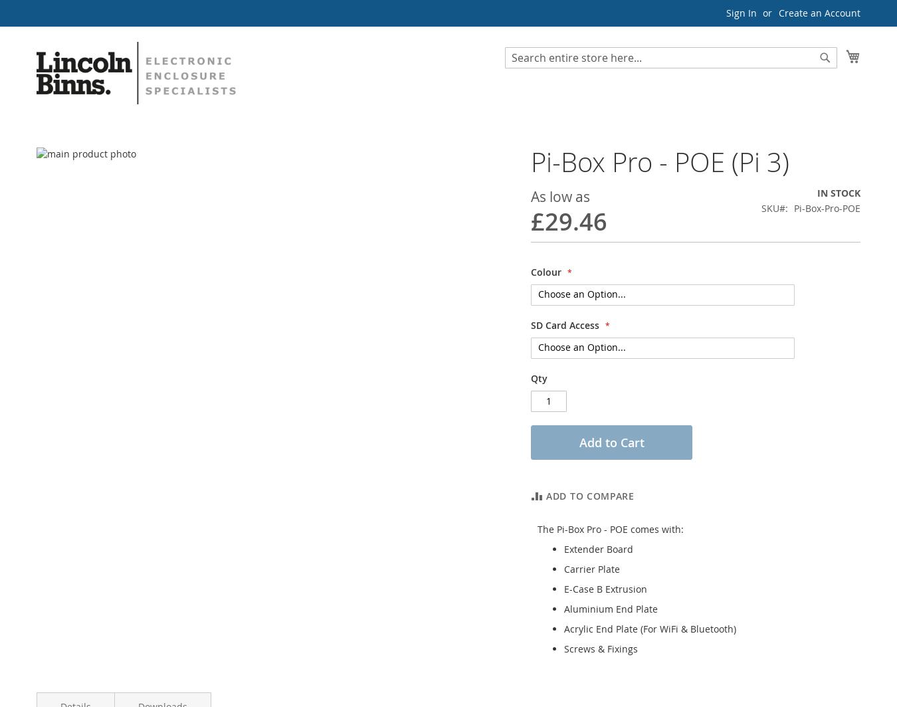  Describe the element at coordinates (610, 608) in the screenshot. I see `'Aluminium End Plate'` at that location.